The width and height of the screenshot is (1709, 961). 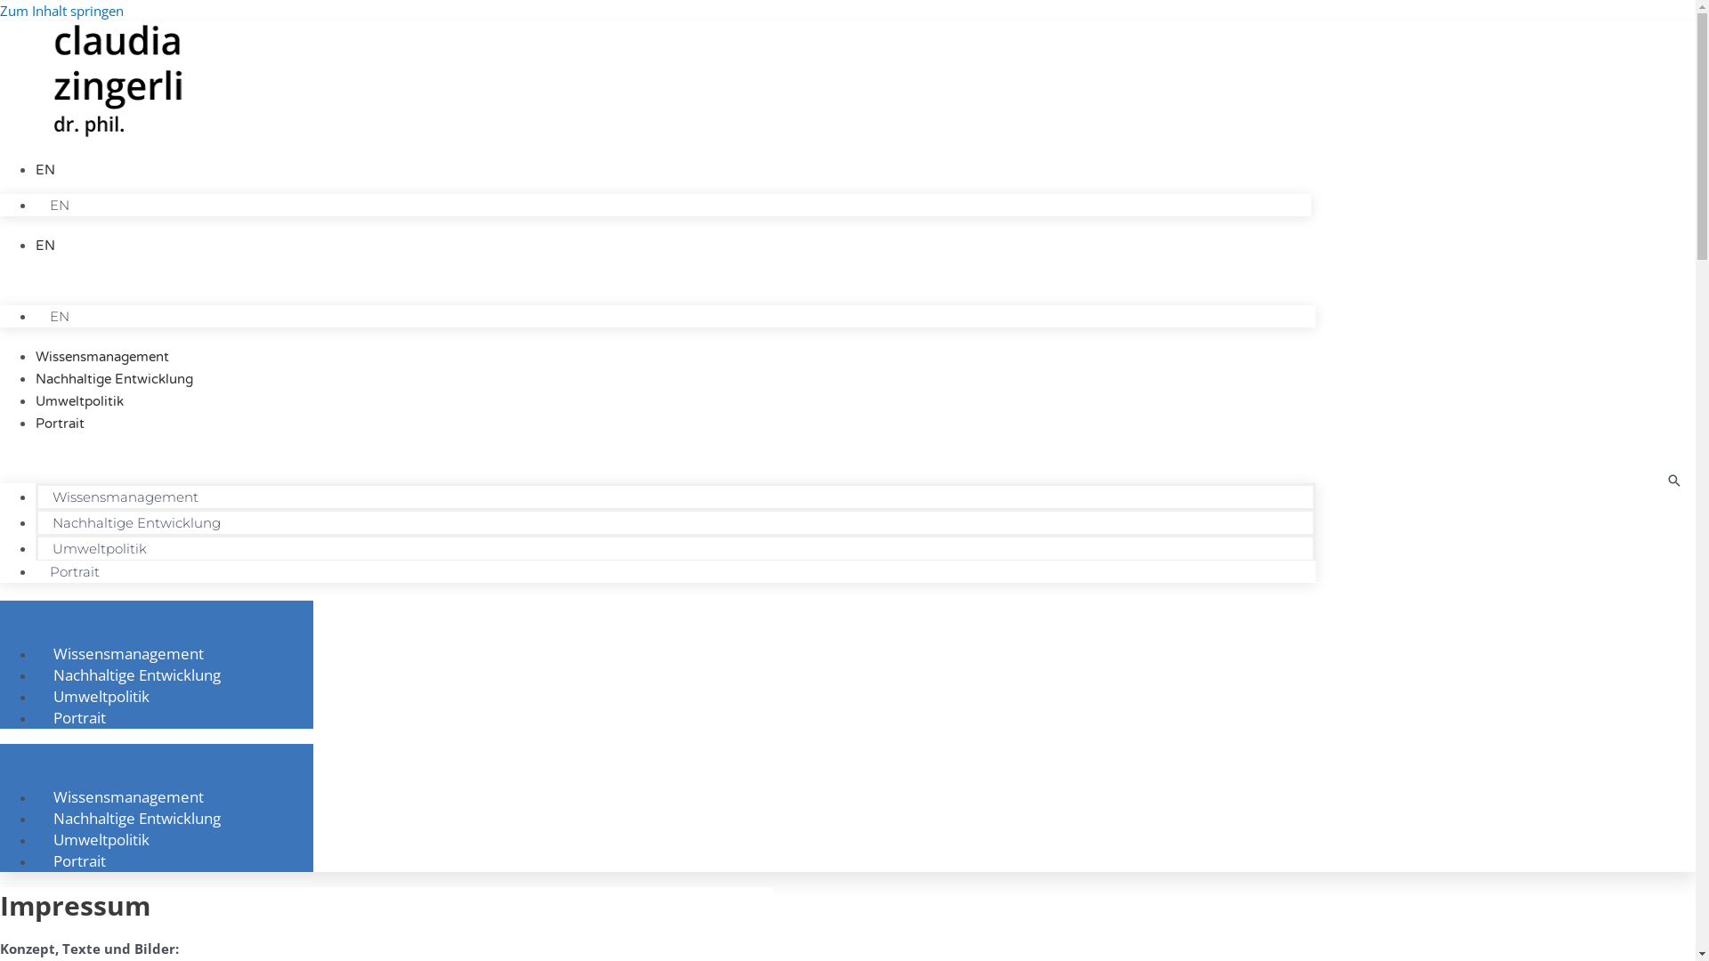 I want to click on 'Zum Inhalt springen', so click(x=61, y=10).